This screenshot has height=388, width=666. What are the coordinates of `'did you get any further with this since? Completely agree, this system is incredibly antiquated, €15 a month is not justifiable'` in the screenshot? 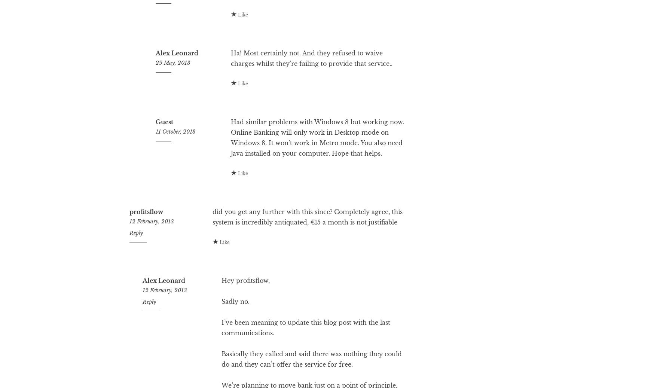 It's located at (306, 247).